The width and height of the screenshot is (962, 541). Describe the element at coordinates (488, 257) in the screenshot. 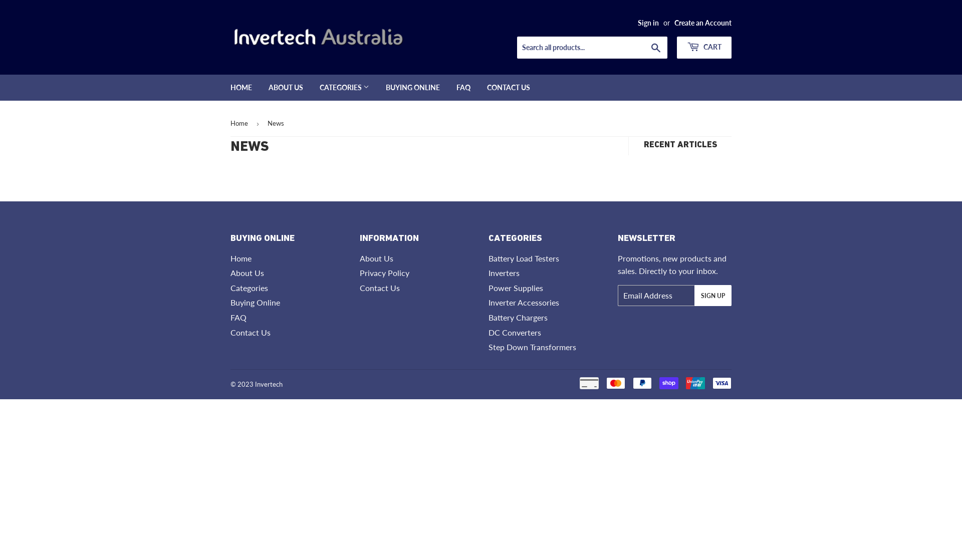

I see `'Battery Load Testers'` at that location.